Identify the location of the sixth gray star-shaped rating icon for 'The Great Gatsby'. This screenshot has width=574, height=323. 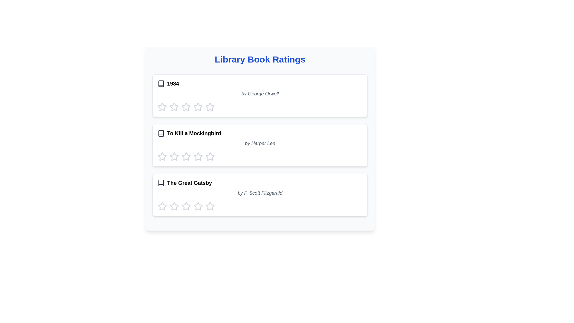
(198, 206).